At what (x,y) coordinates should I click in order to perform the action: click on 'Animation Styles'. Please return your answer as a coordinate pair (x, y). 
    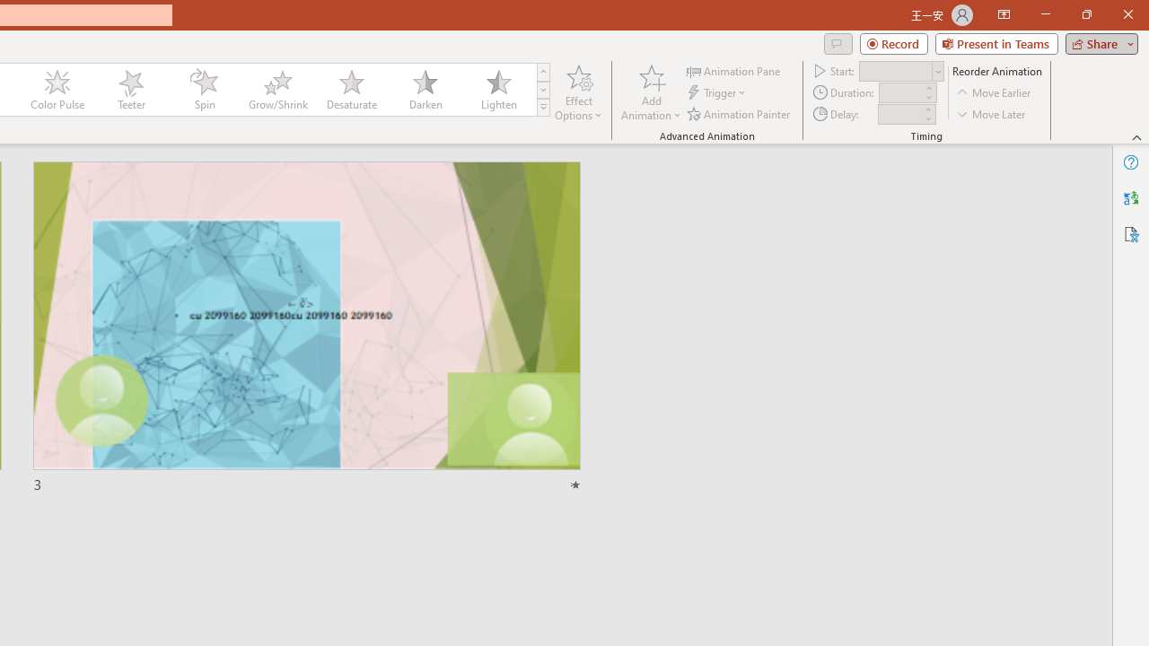
    Looking at the image, I should click on (542, 108).